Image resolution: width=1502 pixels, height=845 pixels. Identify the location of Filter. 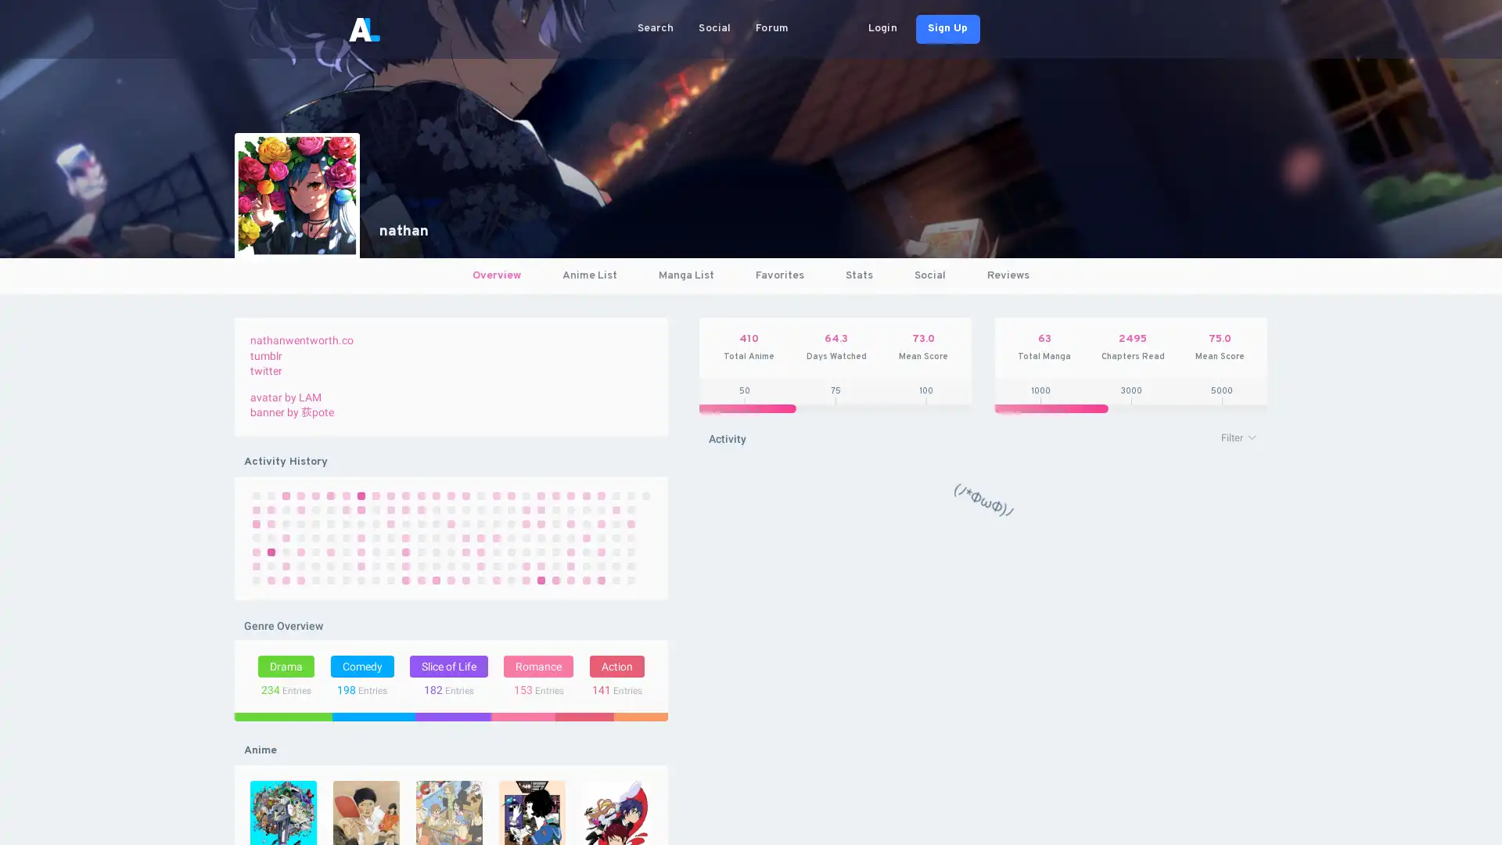
(1238, 437).